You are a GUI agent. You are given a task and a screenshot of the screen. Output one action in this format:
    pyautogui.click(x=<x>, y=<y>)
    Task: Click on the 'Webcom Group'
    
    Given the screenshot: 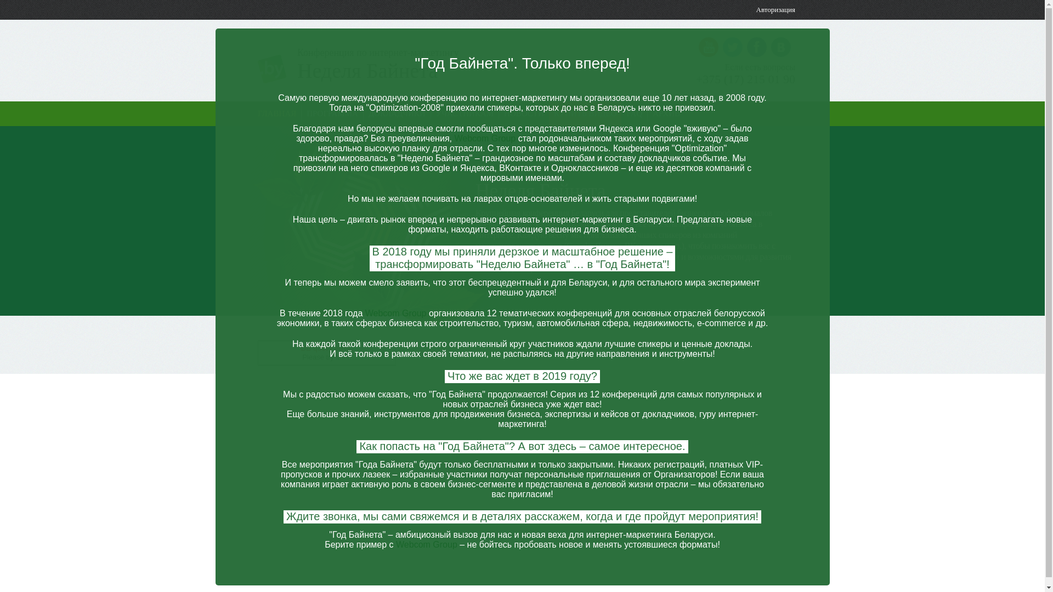 What is the action you would take?
    pyautogui.click(x=426, y=544)
    